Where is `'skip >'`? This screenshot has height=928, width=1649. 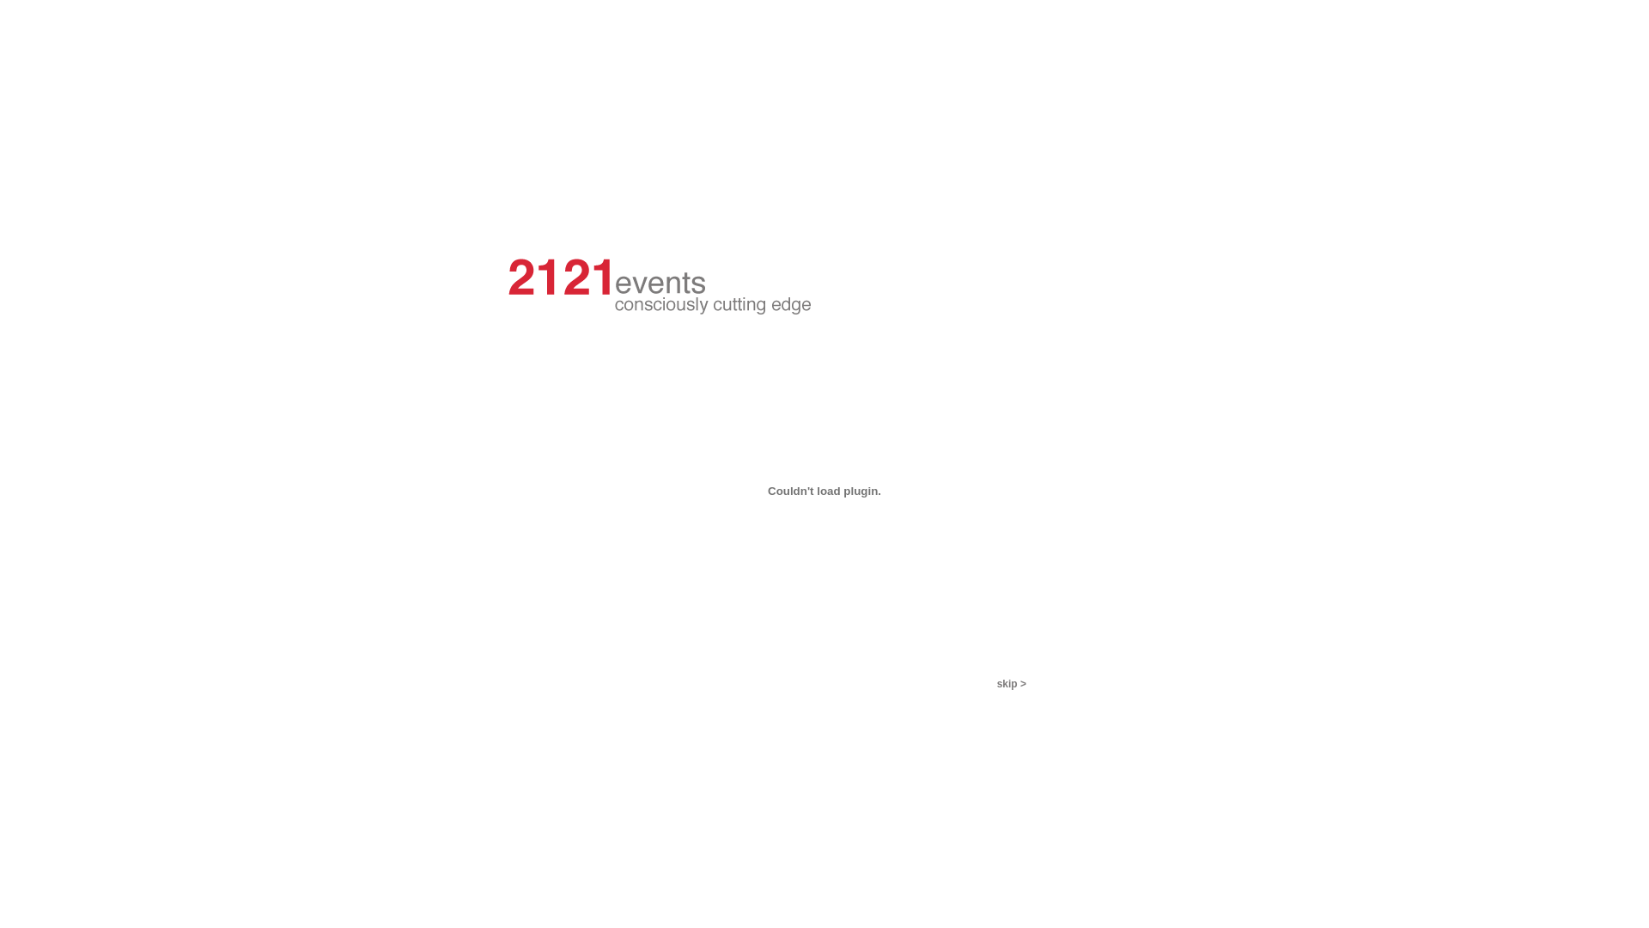
'skip >' is located at coordinates (997, 682).